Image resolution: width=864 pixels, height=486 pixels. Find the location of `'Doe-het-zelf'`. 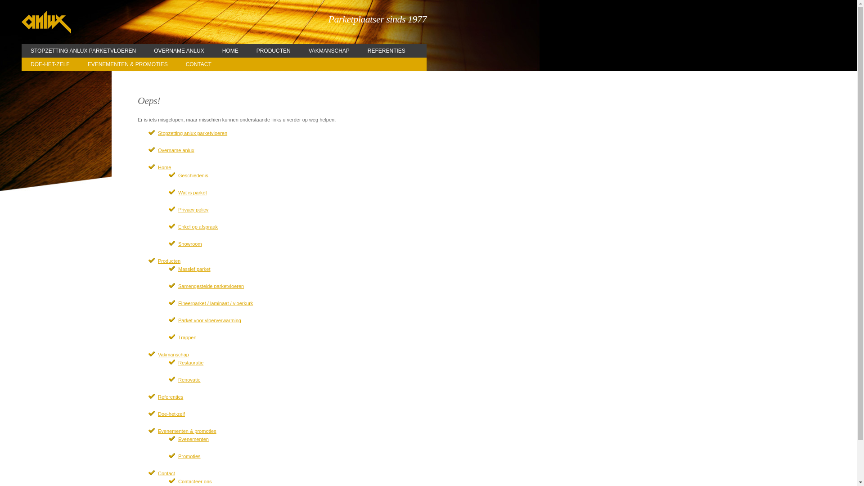

'Doe-het-zelf' is located at coordinates (171, 414).